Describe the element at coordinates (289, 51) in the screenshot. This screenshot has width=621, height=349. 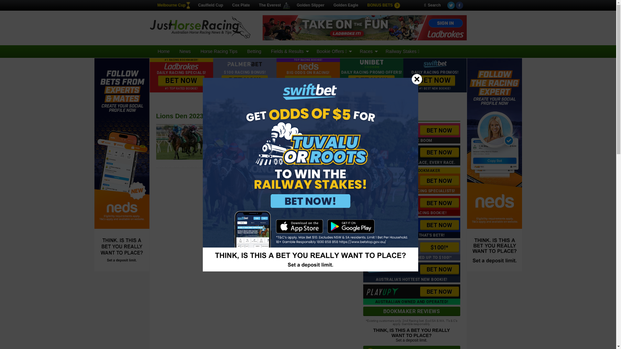
I see `'Fields & Results'` at that location.